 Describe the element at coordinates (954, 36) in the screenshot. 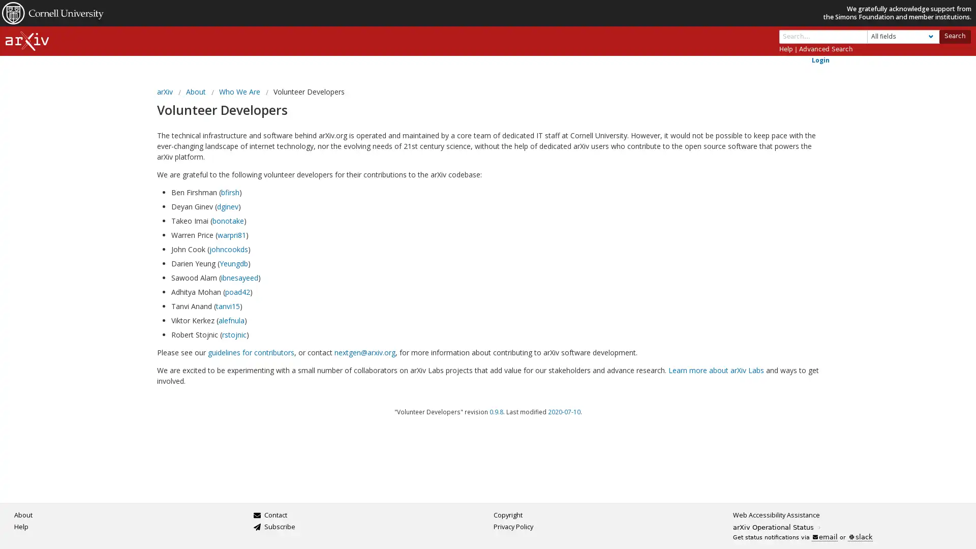

I see `Search` at that location.